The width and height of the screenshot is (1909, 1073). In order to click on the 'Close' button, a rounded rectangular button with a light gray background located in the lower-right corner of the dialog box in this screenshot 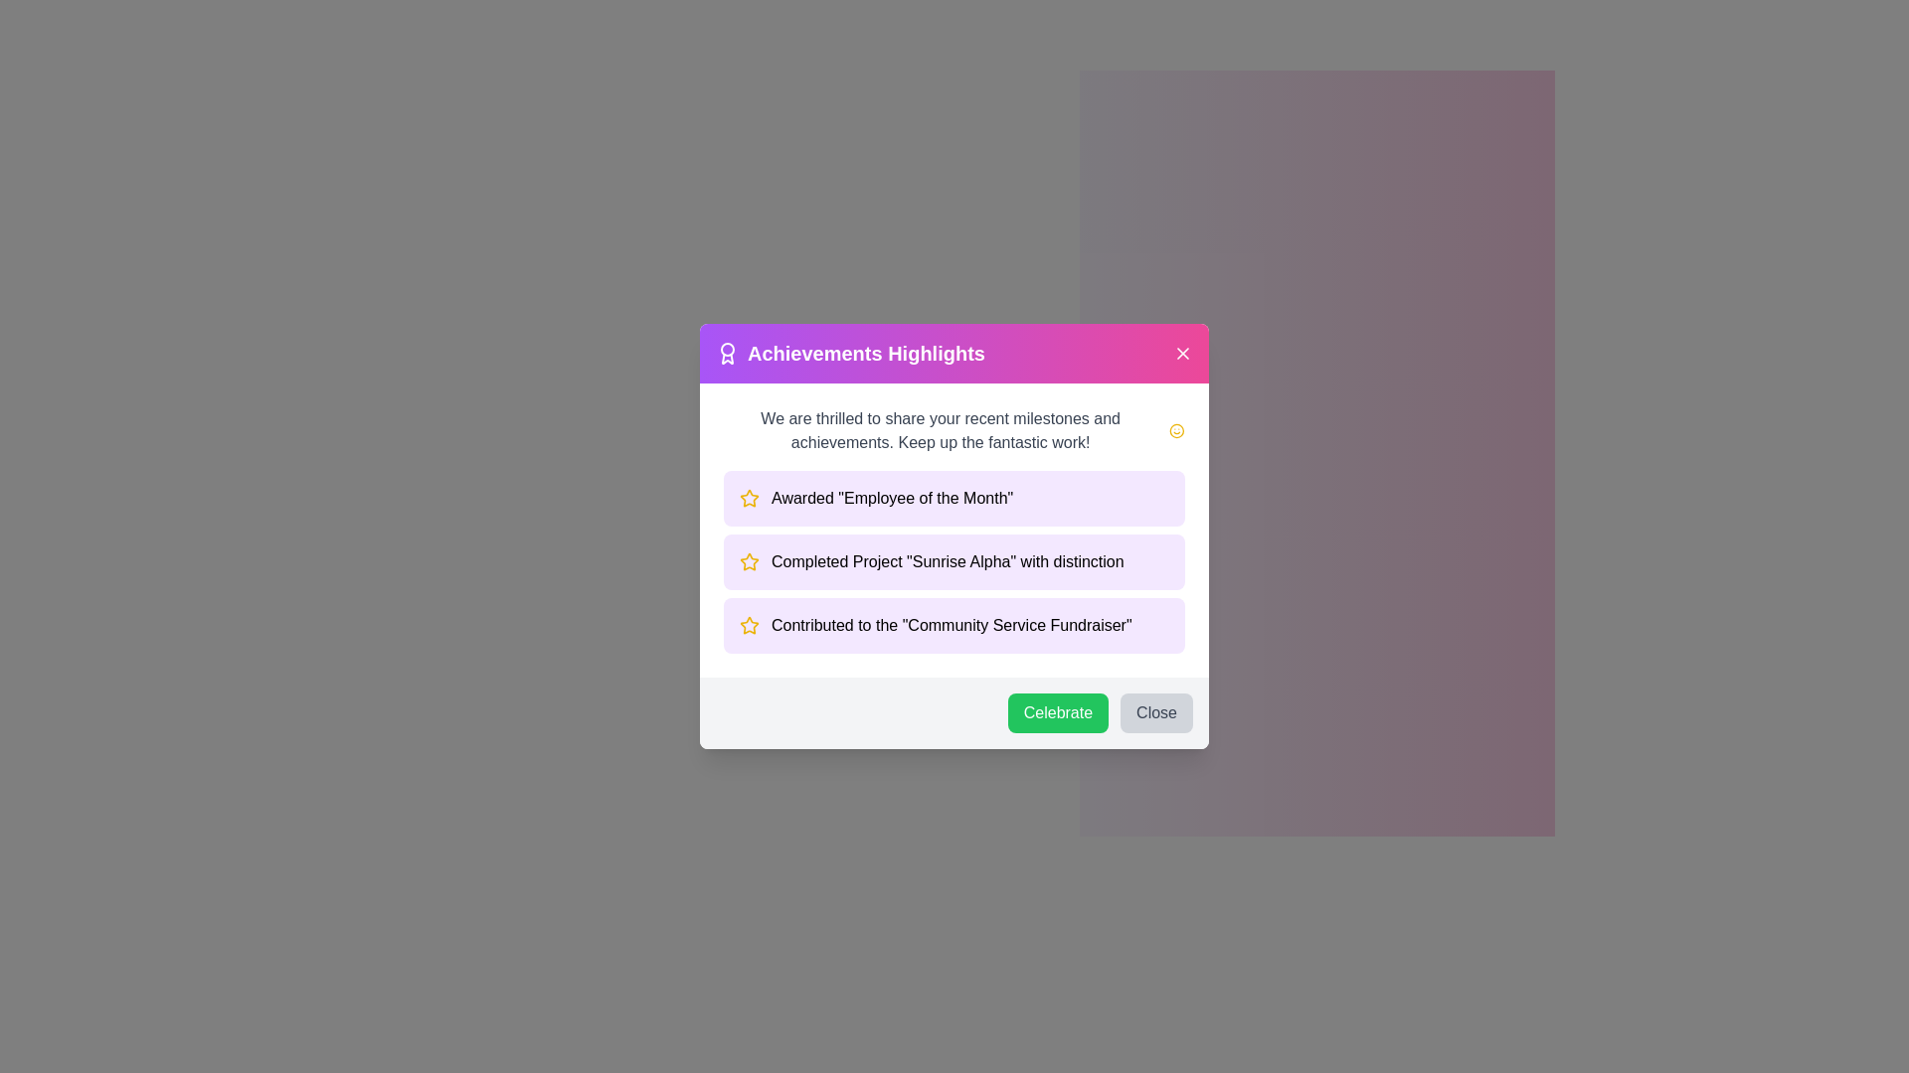, I will do `click(1156, 711)`.